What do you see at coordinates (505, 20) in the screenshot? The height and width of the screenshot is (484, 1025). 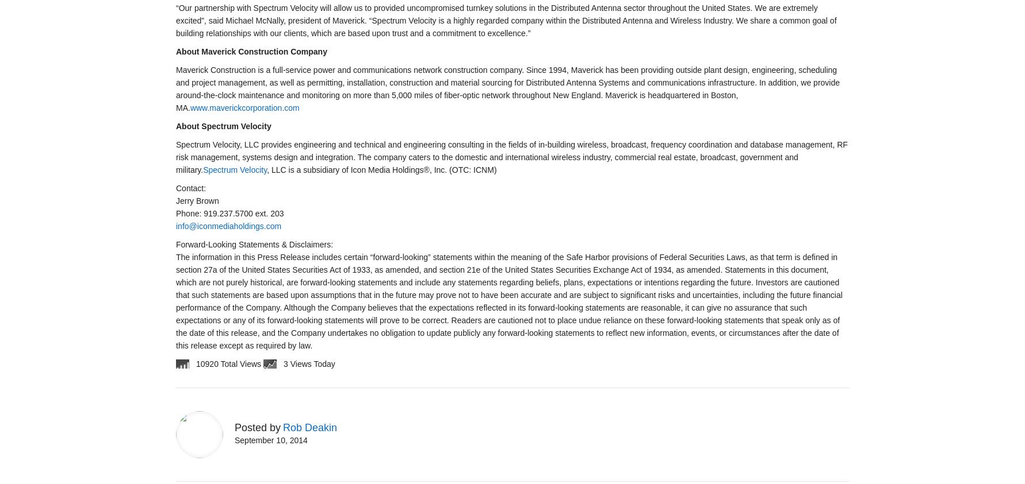 I see `'“Our partnership with Spectrum Velocity will allow us to provided uncompromised turnkey solutions in the Distributed Antenna sector throughout the United States. We are extremely excited”, said Michael McNally, president of Maverick. “Spectrum Velocity is a highly regarded company within the Distributed Antenna and Wireless Industry. We share a common goal of building relationships with our clients, which are based upon trust and a commitment to excellence.”'` at bounding box center [505, 20].